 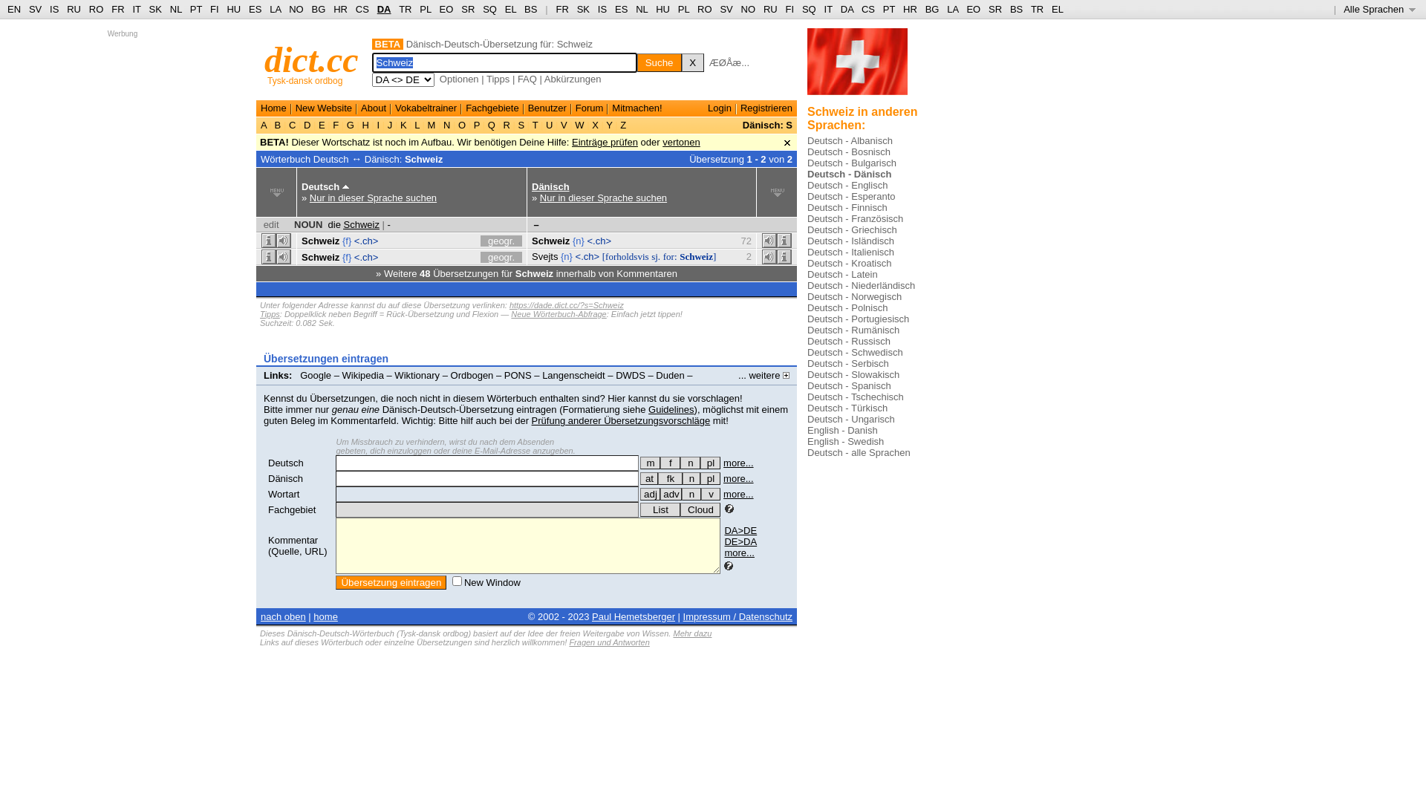 What do you see at coordinates (680, 494) in the screenshot?
I see `'n'` at bounding box center [680, 494].